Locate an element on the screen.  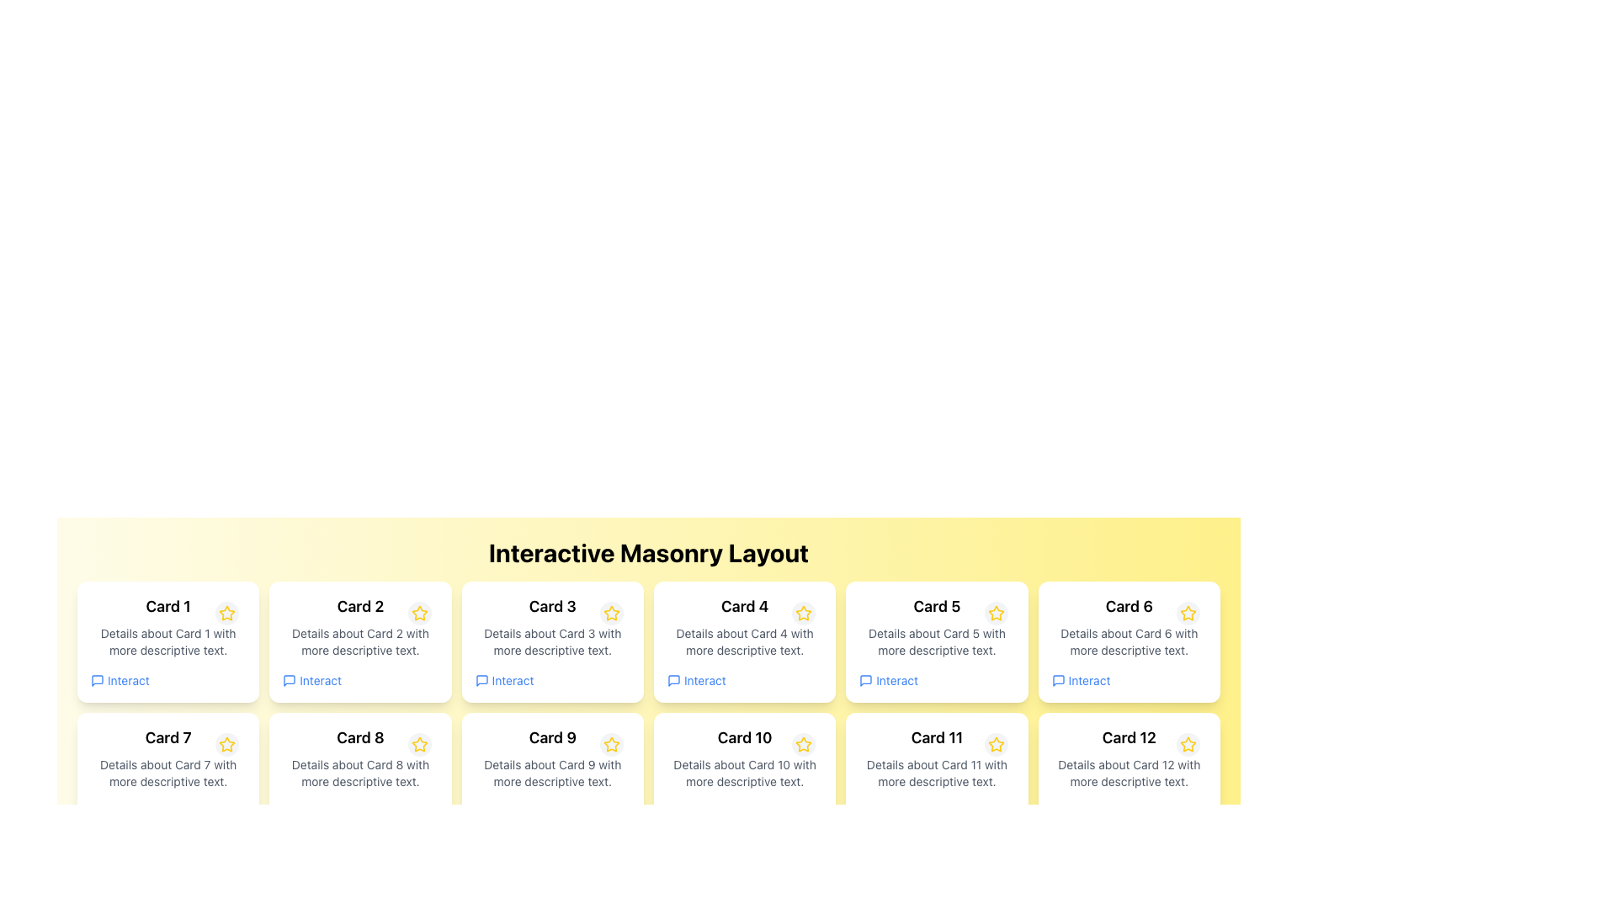
the Text Display element located within 'Card 10,' which provides additional descriptive details and is positioned just below the heading and above the 'Interact' link is located at coordinates (744, 773).